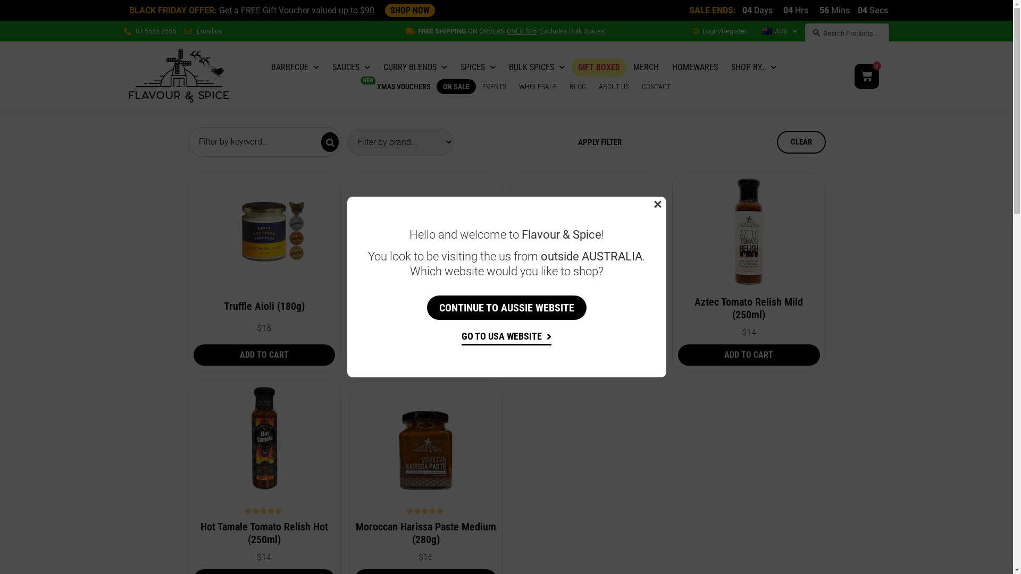 The height and width of the screenshot is (574, 1021). What do you see at coordinates (184, 30) in the screenshot?
I see `'Email us'` at bounding box center [184, 30].